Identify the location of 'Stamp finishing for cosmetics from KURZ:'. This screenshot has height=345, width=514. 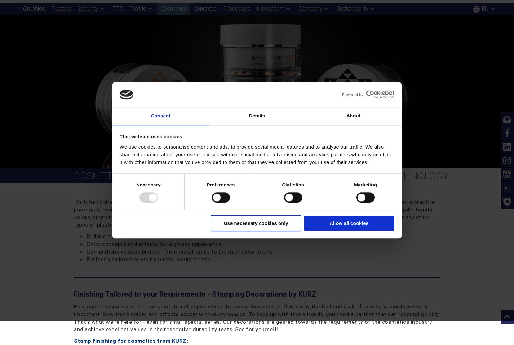
(130, 341).